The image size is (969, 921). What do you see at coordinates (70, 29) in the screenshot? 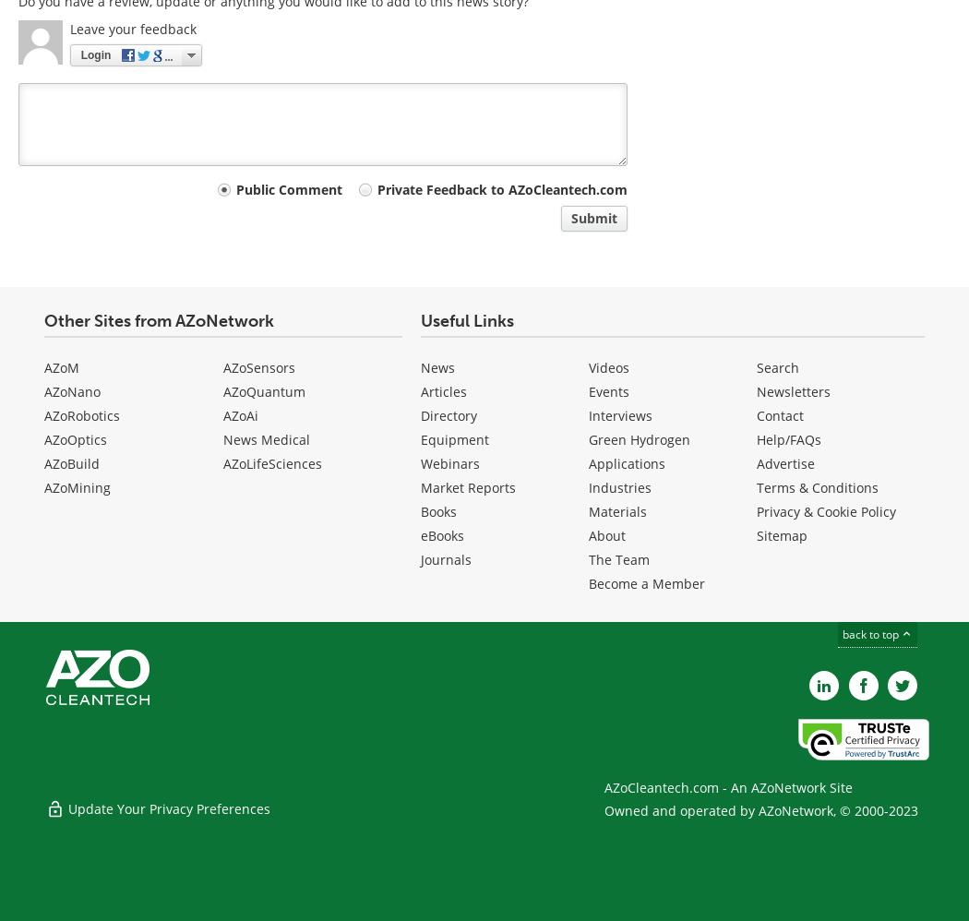
I see `'Leave your feedback'` at bounding box center [70, 29].